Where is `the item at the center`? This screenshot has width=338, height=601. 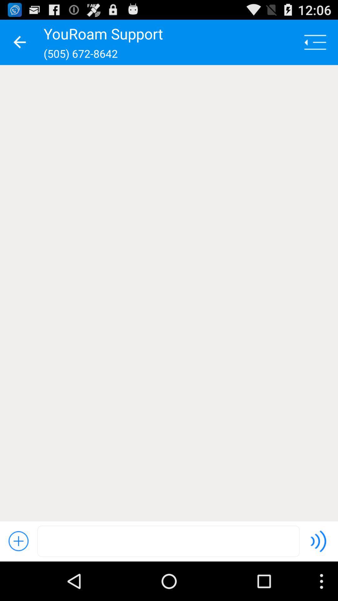 the item at the center is located at coordinates (169, 293).